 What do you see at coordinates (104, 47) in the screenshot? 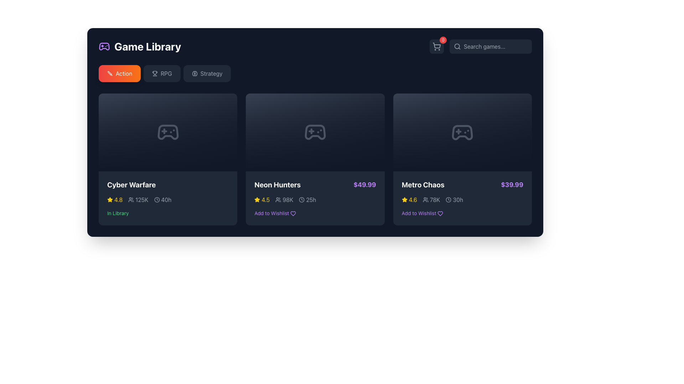
I see `the purple game controller icon located to the left of the 'Game Library' text element in the header section` at bounding box center [104, 47].